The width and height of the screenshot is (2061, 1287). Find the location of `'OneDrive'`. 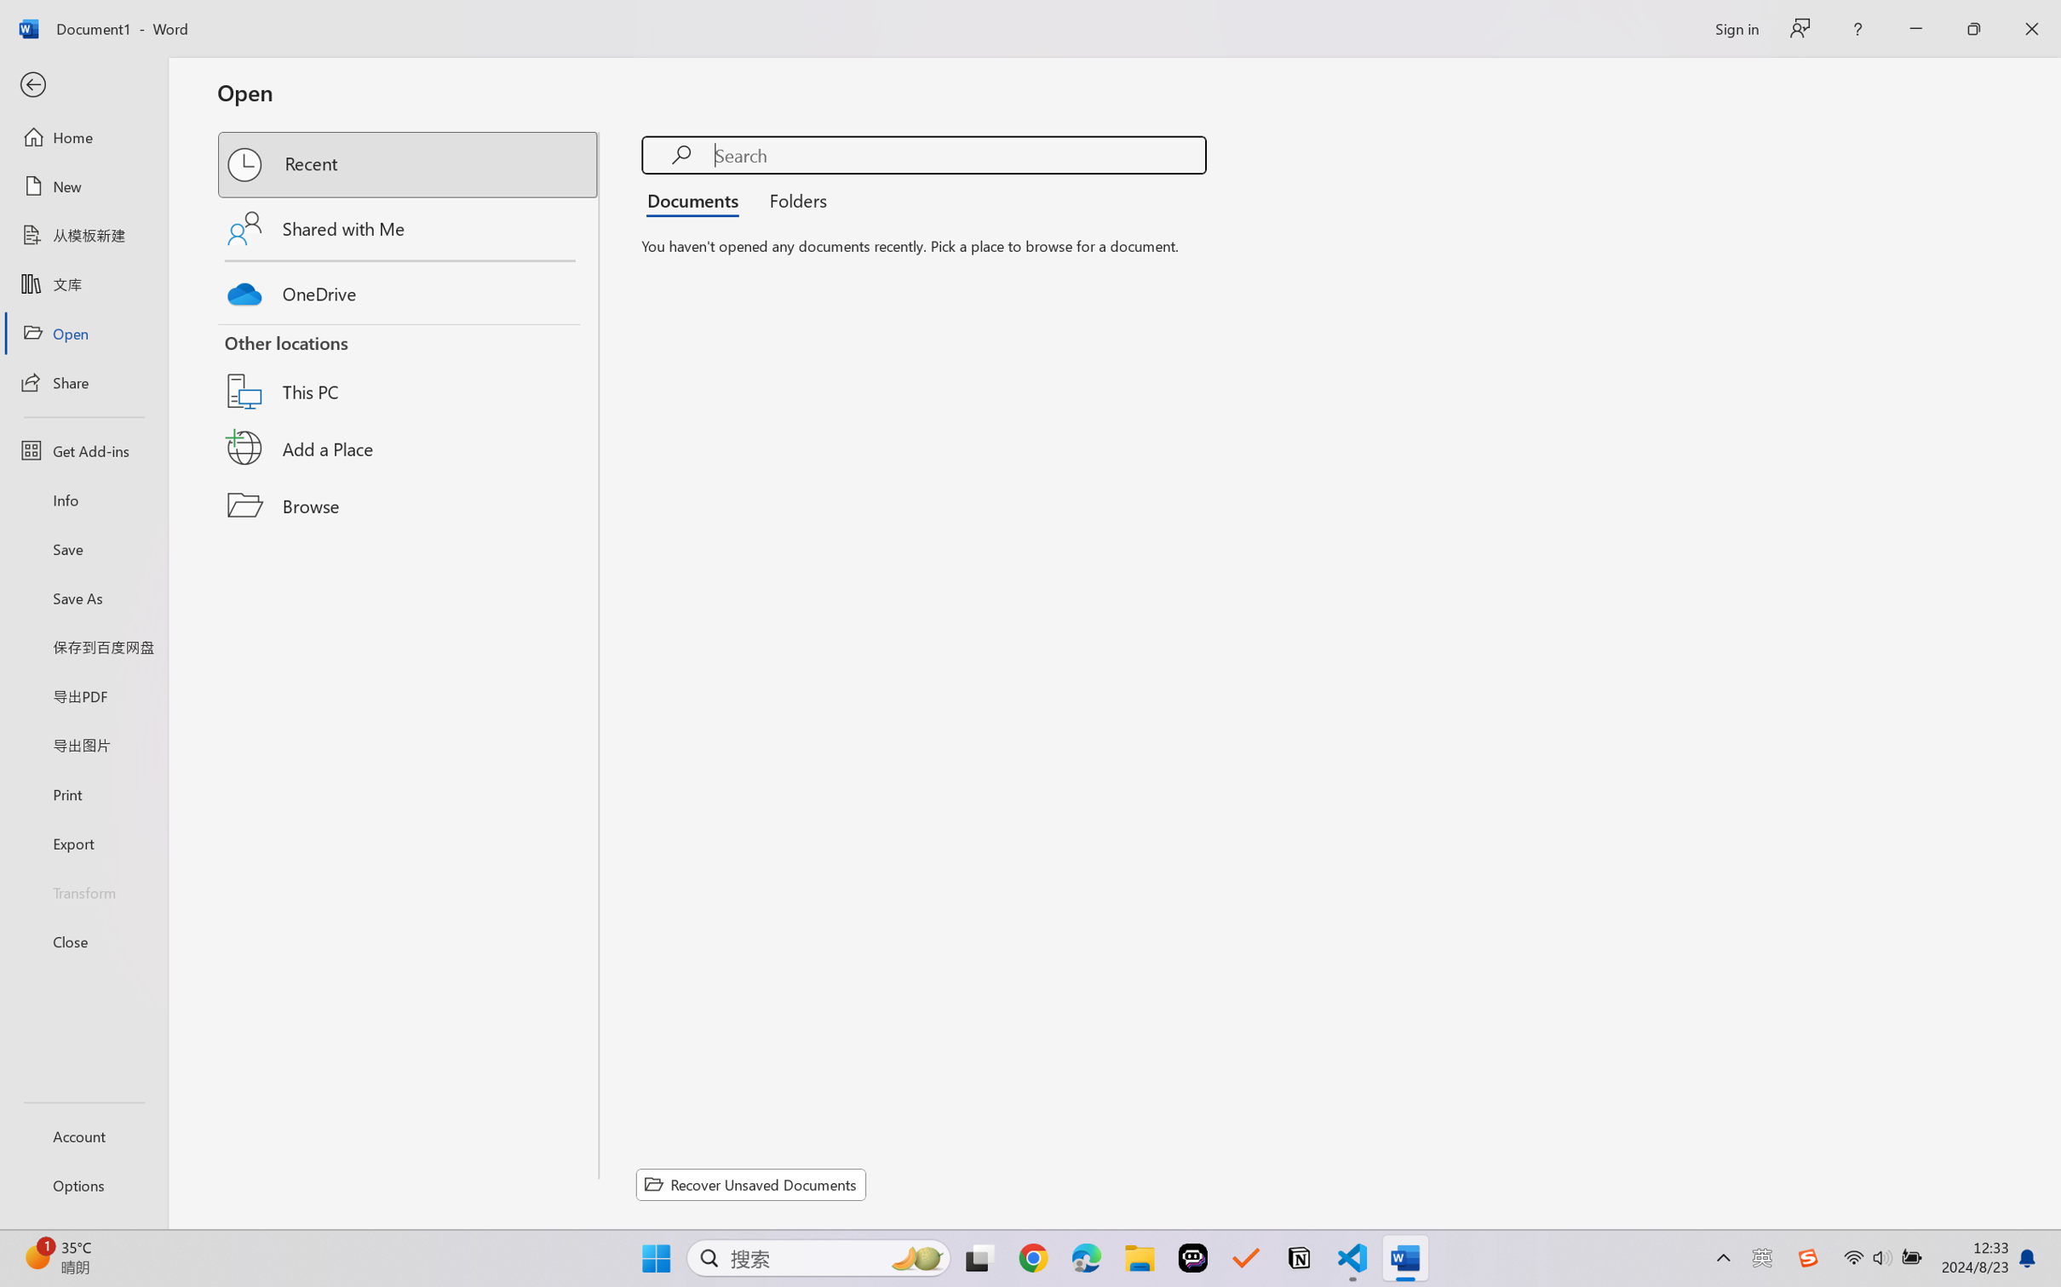

'OneDrive' is located at coordinates (409, 289).